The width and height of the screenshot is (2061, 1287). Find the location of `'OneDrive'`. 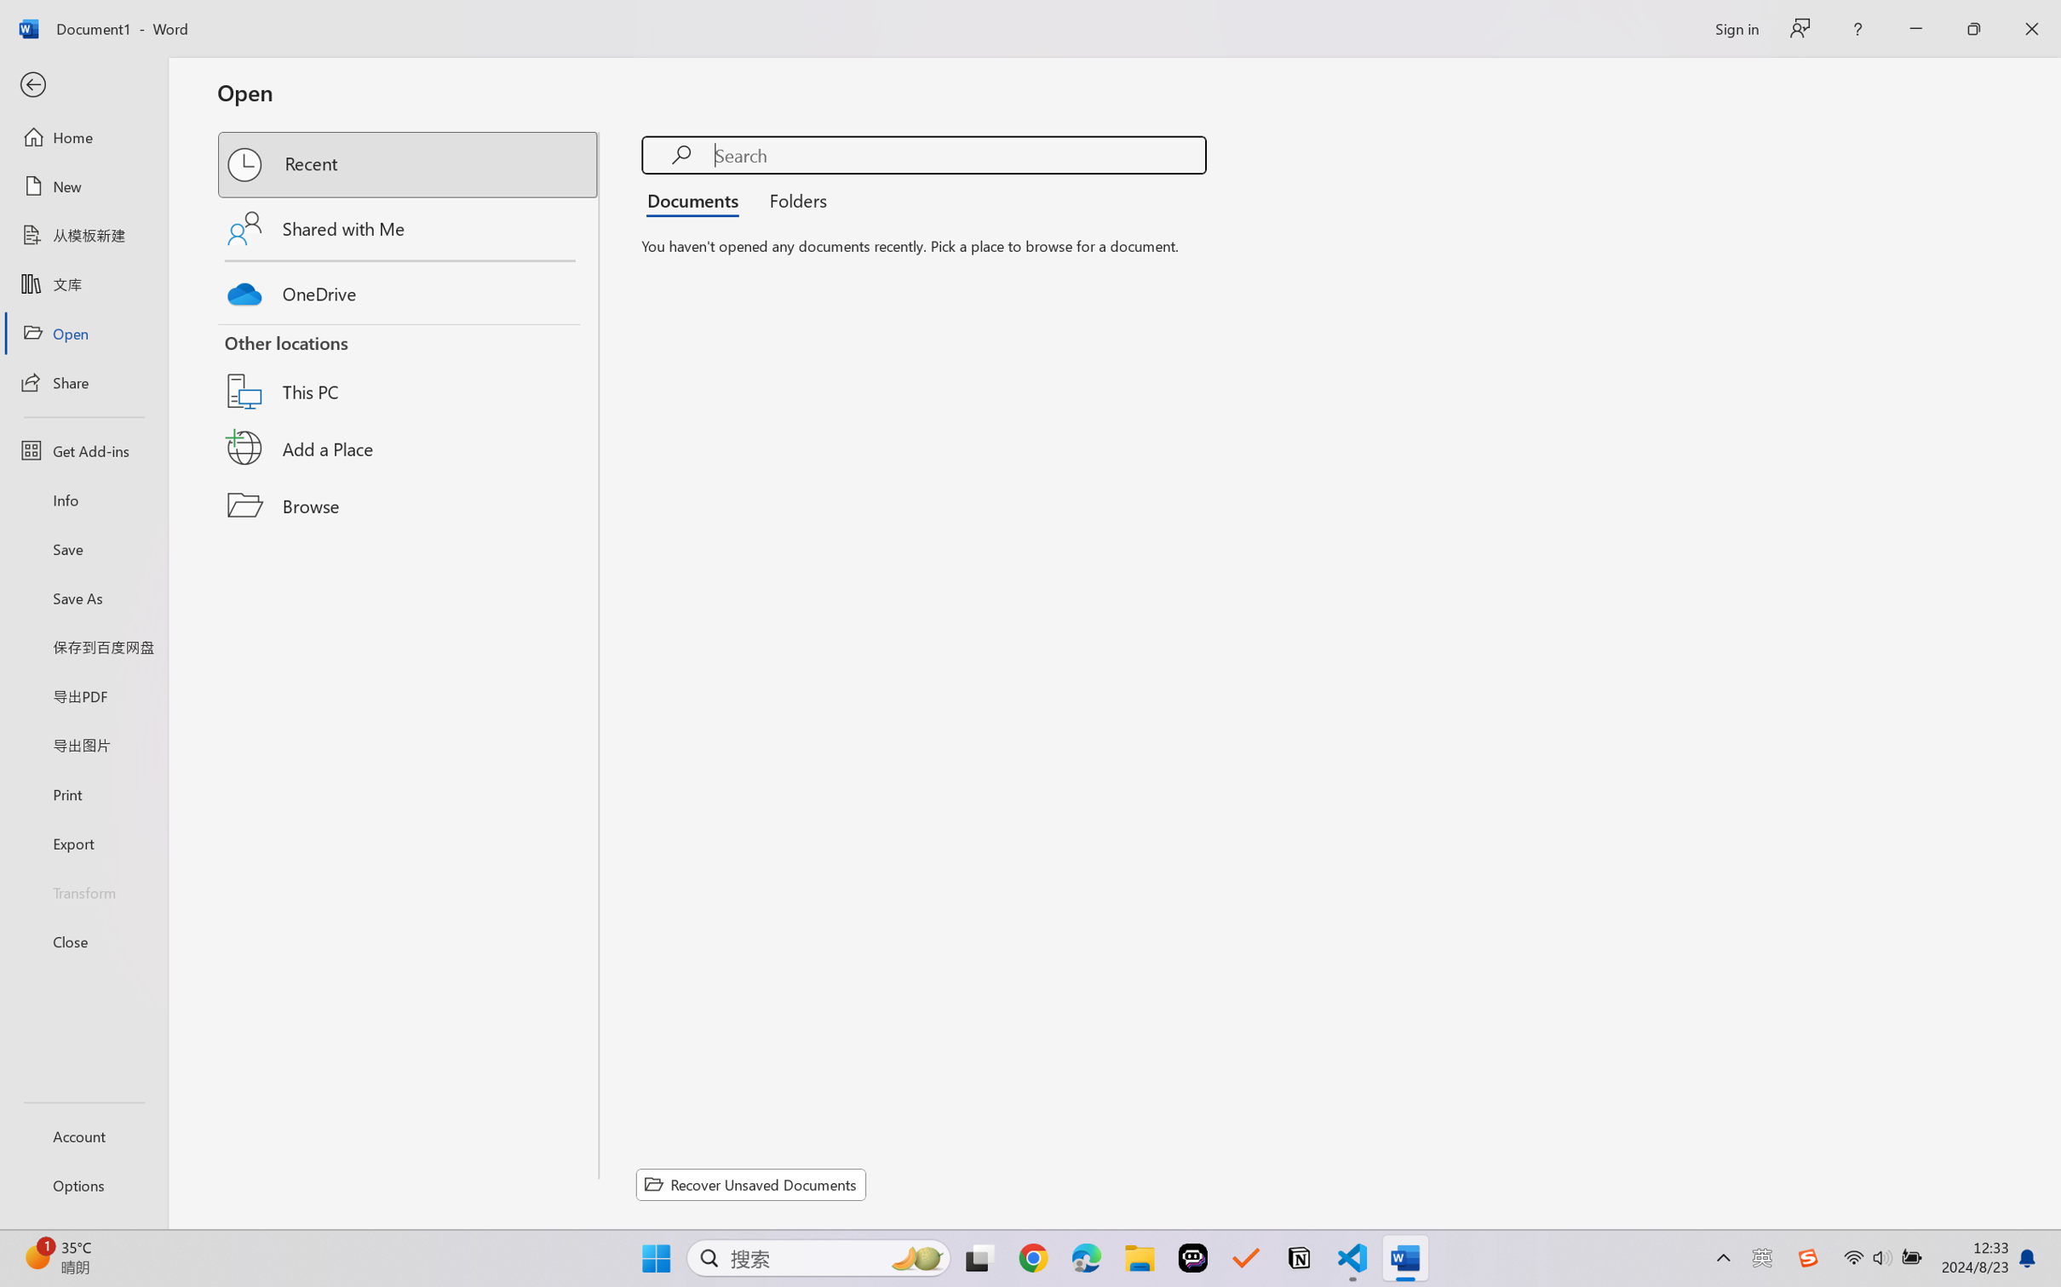

'OneDrive' is located at coordinates (409, 289).